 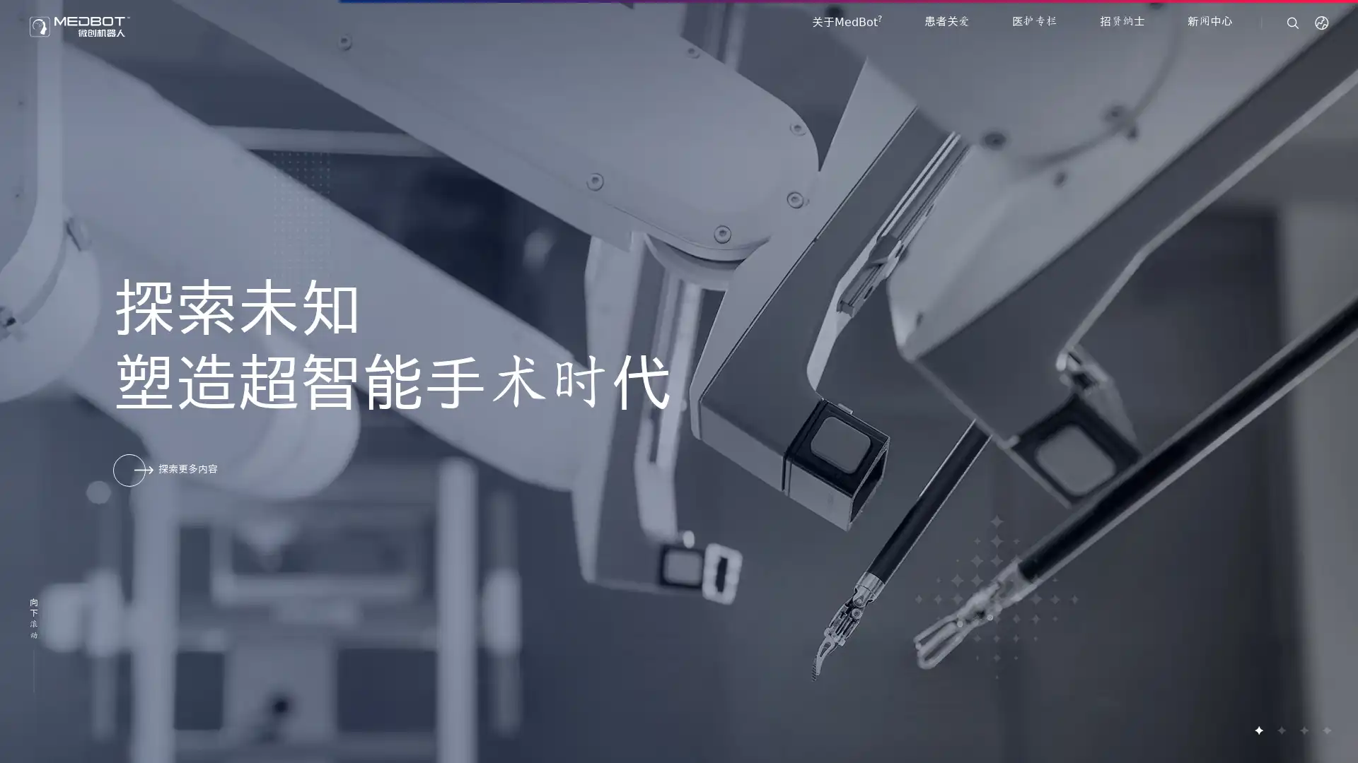 I want to click on Go to slide 1, so click(x=1258, y=730).